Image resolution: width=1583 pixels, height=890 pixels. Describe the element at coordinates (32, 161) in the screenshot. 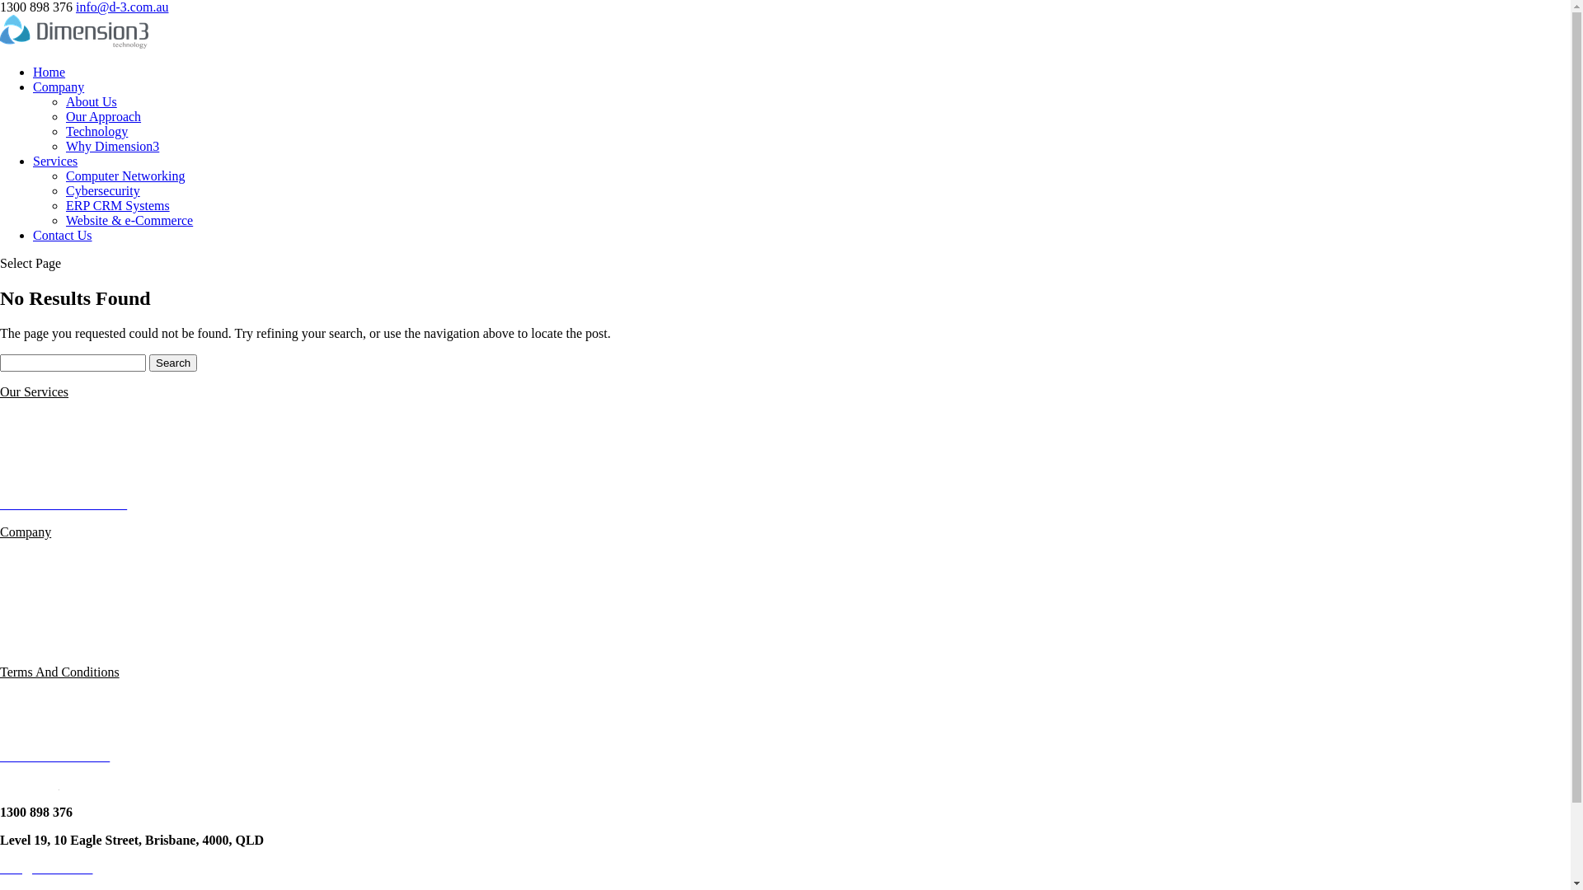

I see `'Services'` at that location.